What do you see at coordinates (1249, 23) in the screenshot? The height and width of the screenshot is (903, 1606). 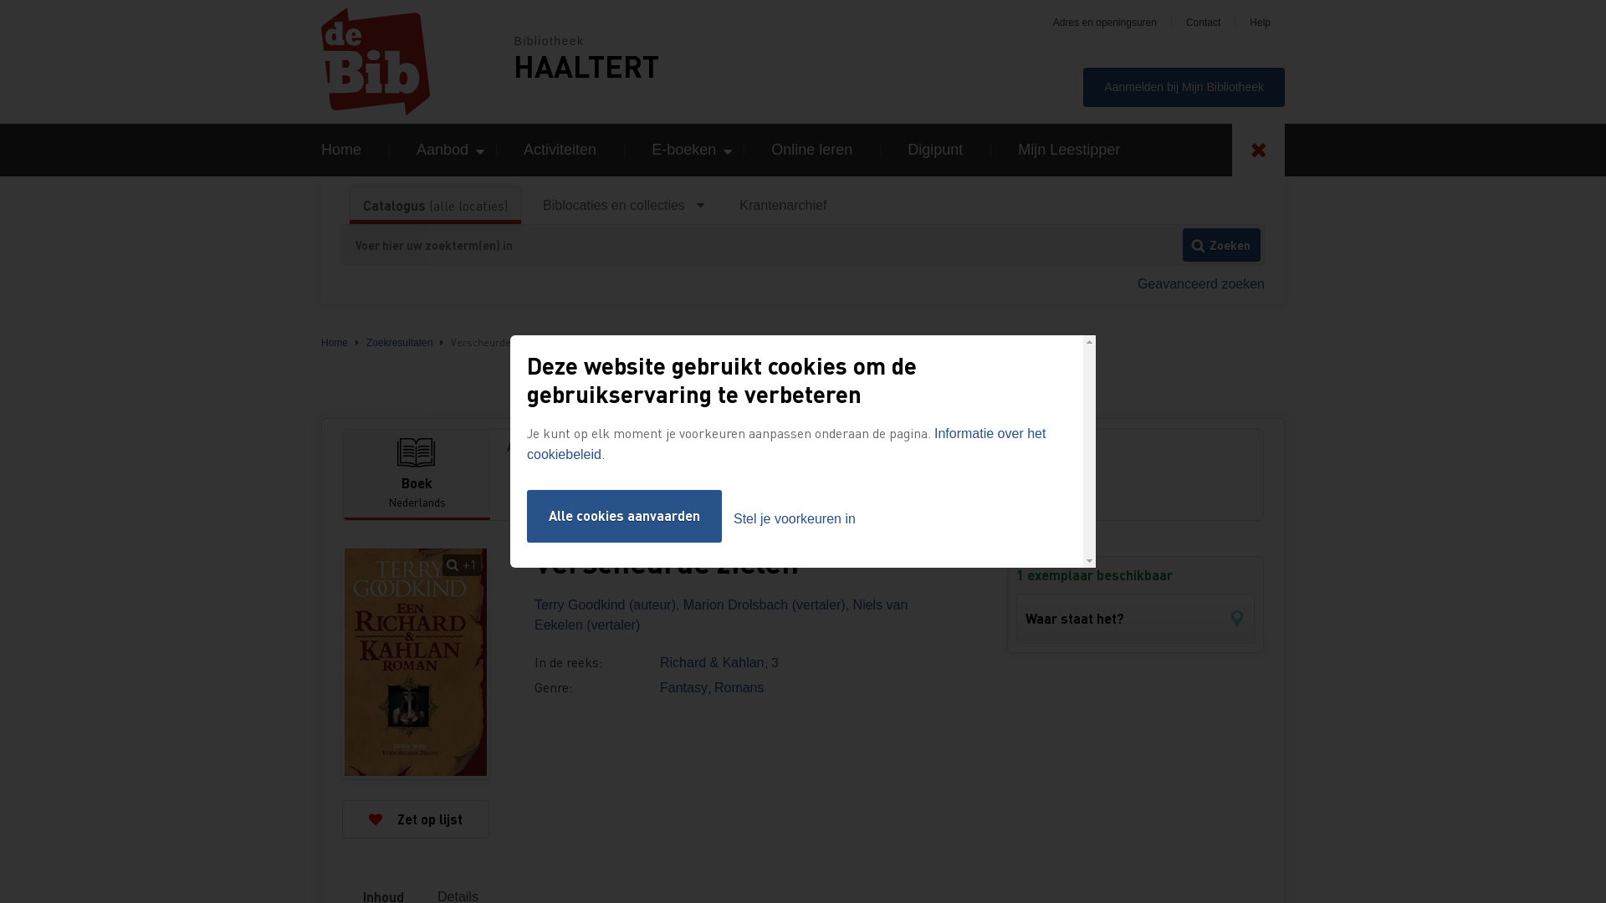 I see `'Help'` at bounding box center [1249, 23].